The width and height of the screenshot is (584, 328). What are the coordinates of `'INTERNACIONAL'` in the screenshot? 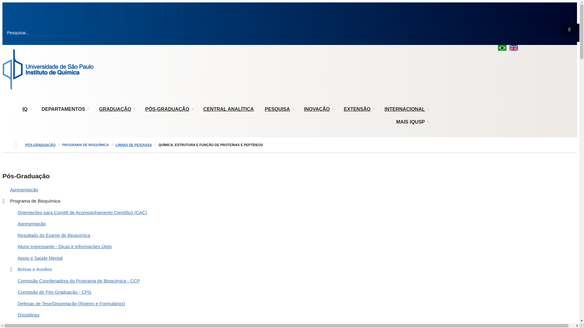 It's located at (406, 109).